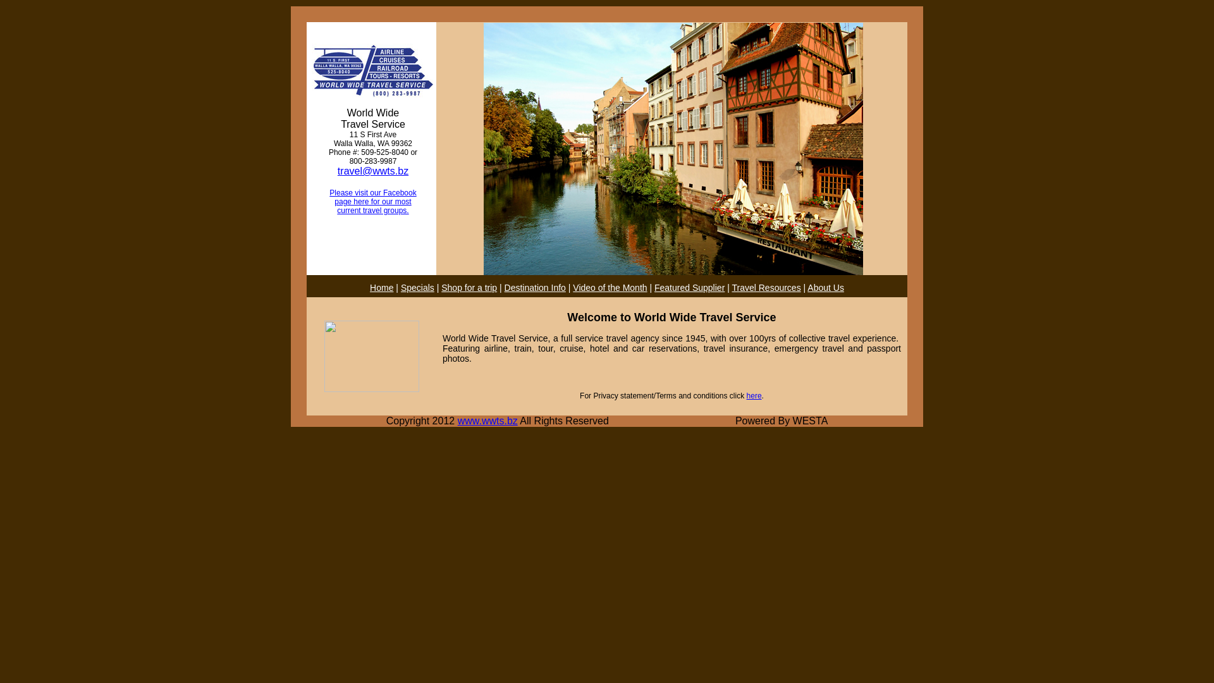 The height and width of the screenshot is (683, 1214). Describe the element at coordinates (535, 288) in the screenshot. I see `'Destination Info'` at that location.